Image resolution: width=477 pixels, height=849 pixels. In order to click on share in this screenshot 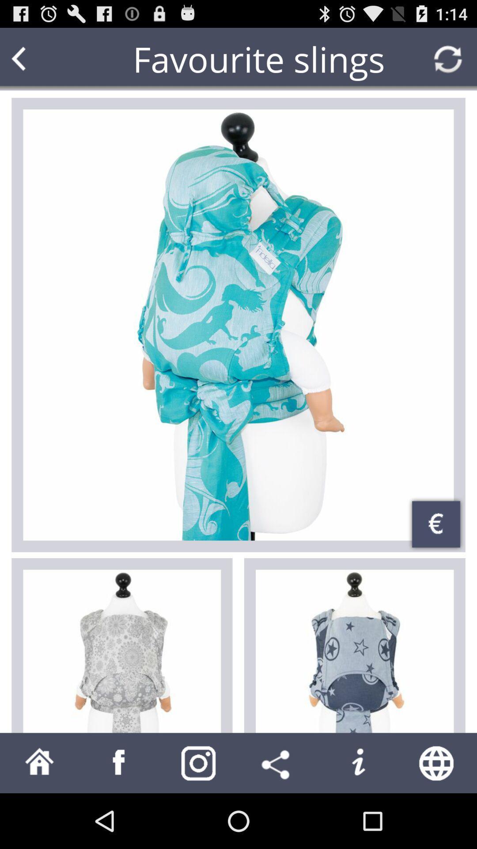, I will do `click(277, 762)`.